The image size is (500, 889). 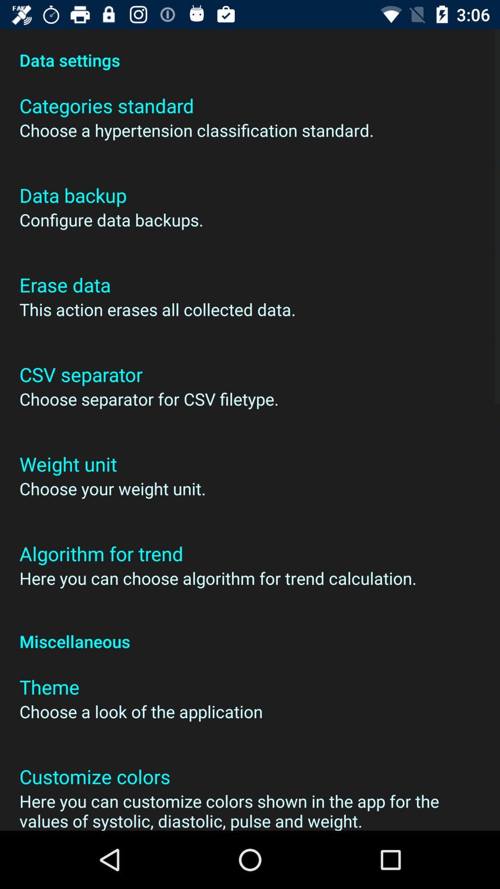 I want to click on icon below configure data backups., so click(x=64, y=284).